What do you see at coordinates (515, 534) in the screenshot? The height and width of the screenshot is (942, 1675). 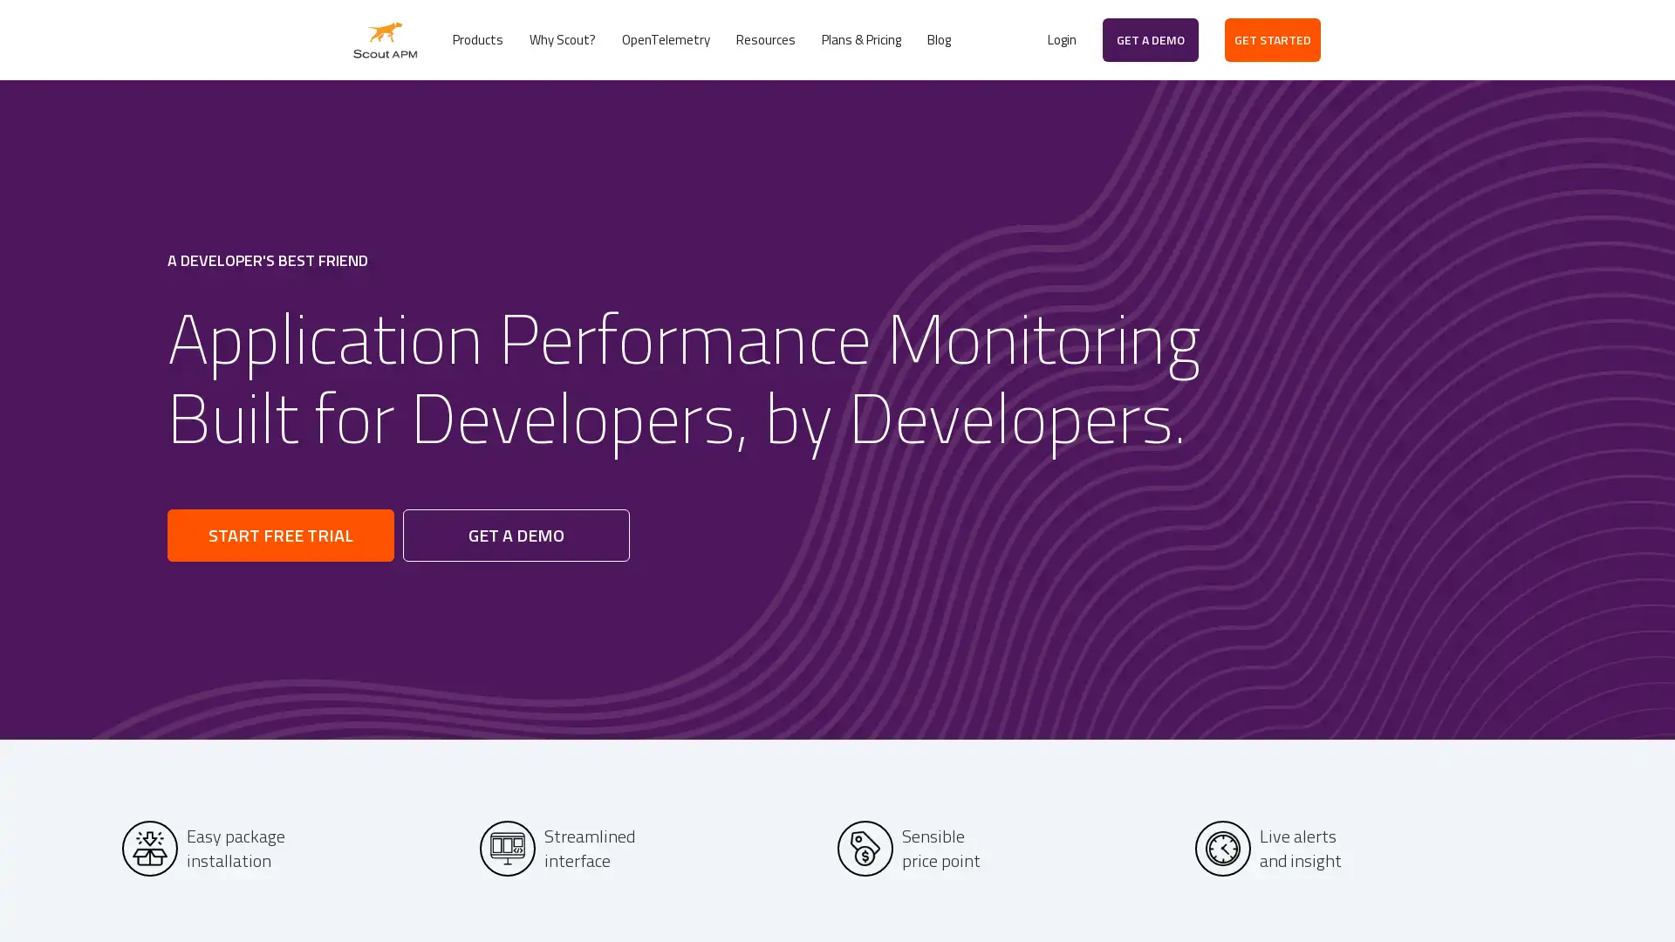 I see `GET A DEMO` at bounding box center [515, 534].